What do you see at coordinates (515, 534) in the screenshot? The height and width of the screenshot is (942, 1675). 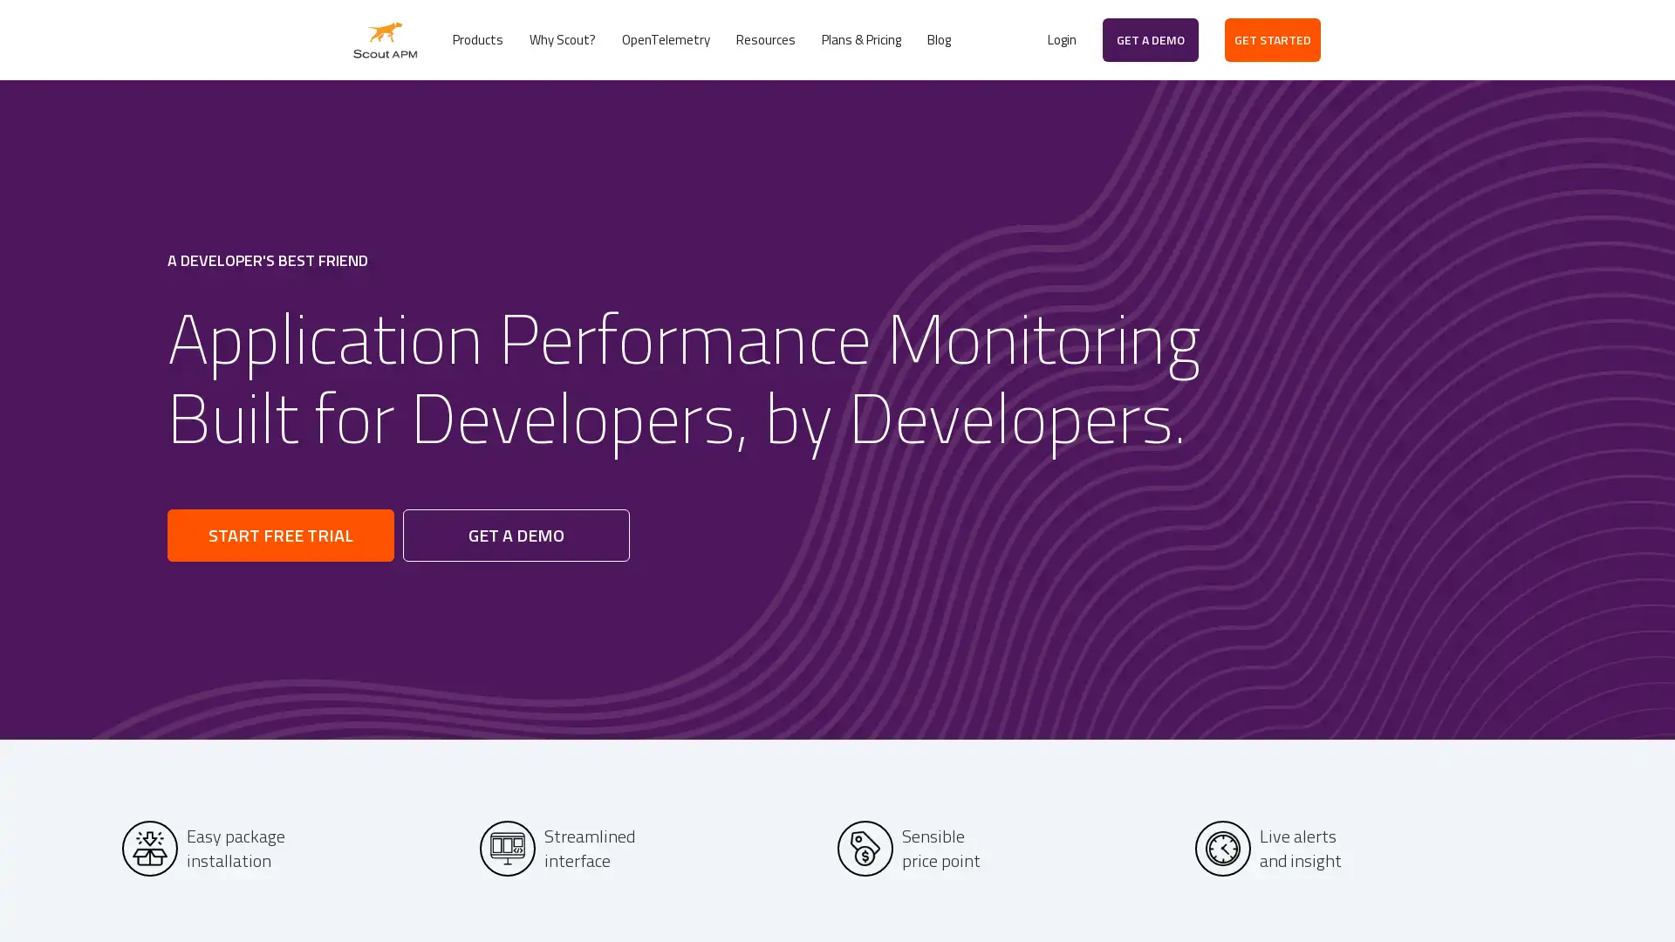 I see `GET A DEMO` at bounding box center [515, 534].